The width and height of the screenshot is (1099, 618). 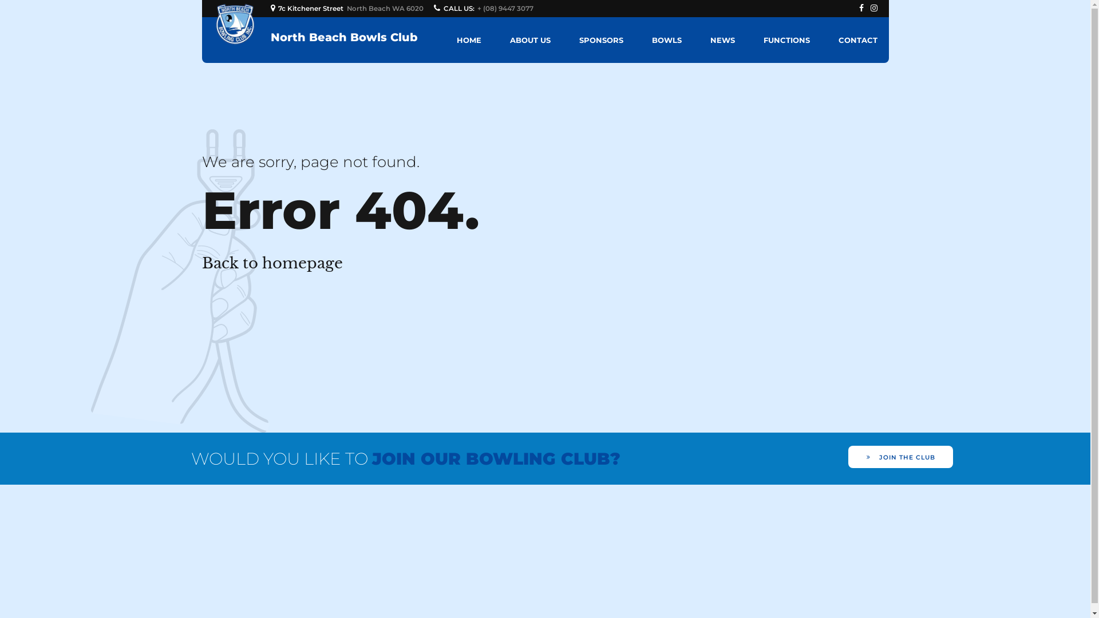 I want to click on 'BOWLS', so click(x=651, y=39).